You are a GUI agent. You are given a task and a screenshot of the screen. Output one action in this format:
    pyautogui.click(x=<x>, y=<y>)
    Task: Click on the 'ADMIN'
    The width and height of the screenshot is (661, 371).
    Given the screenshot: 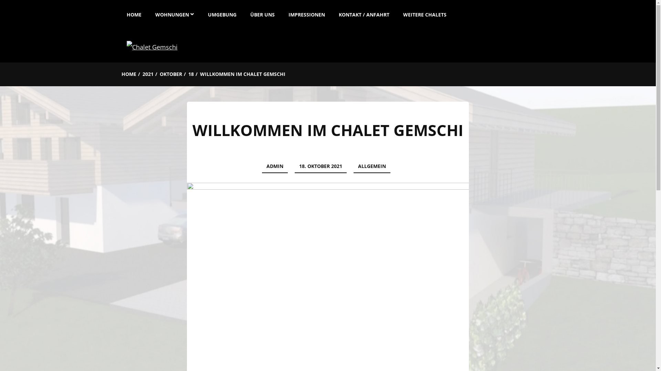 What is the action you would take?
    pyautogui.click(x=274, y=167)
    